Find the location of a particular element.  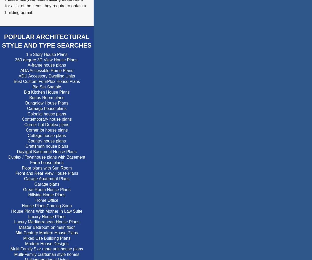

'House Plans Coming Soon' is located at coordinates (46, 206).